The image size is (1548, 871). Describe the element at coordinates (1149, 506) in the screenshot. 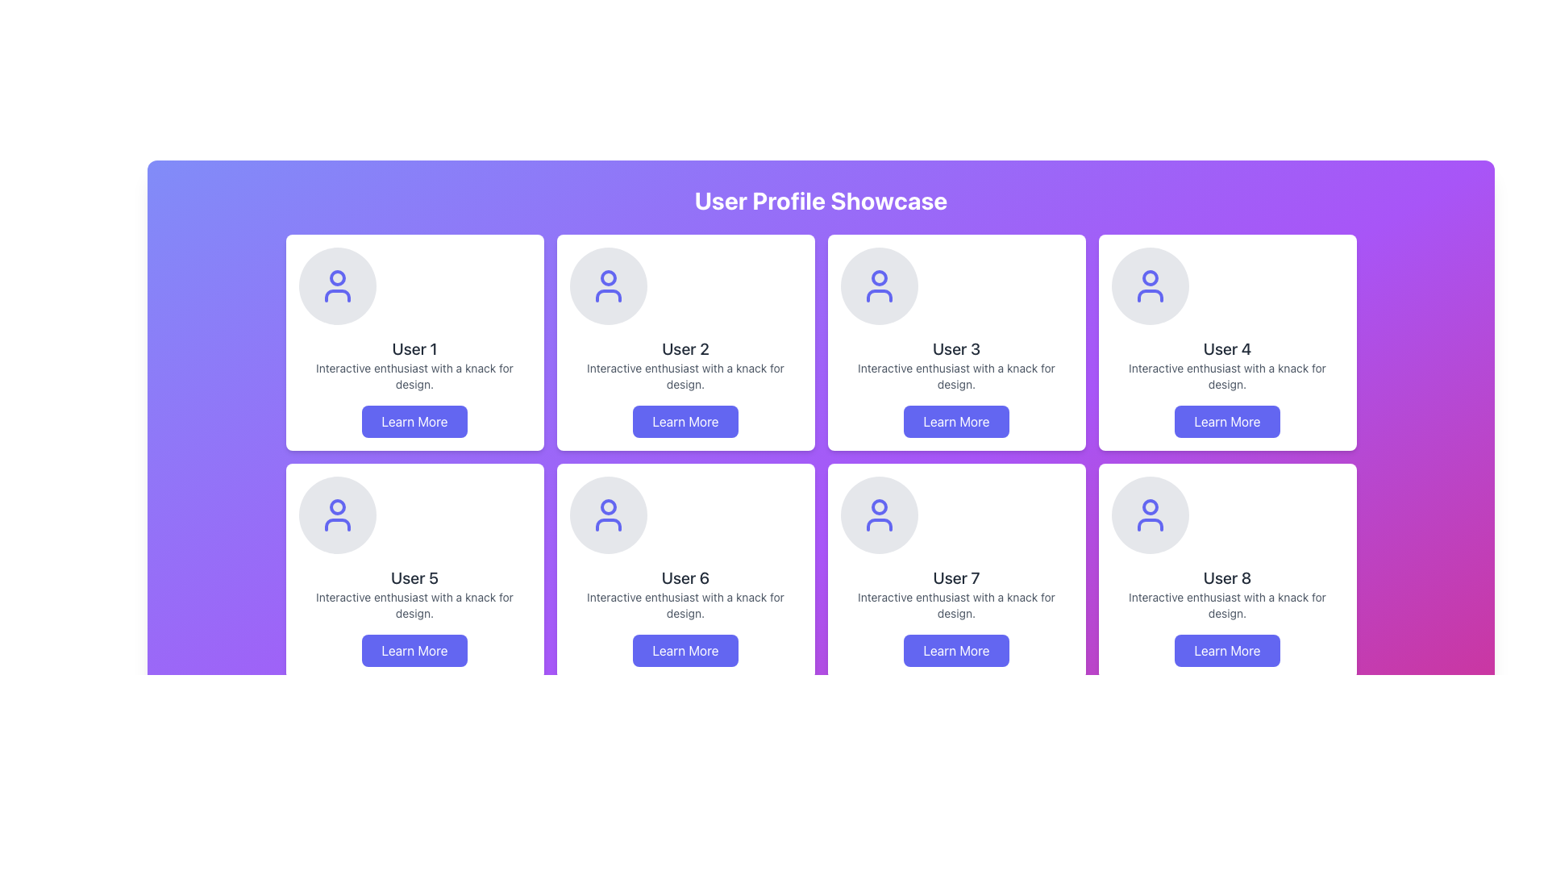

I see `the graphical icon representing 'User 8' on their profile card, located in the last row and fourth column of the user showcase grid` at that location.